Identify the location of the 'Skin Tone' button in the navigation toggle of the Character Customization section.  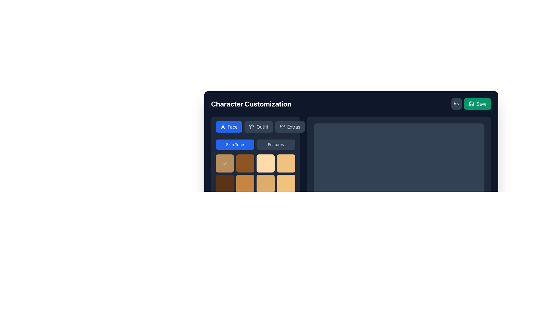
(255, 144).